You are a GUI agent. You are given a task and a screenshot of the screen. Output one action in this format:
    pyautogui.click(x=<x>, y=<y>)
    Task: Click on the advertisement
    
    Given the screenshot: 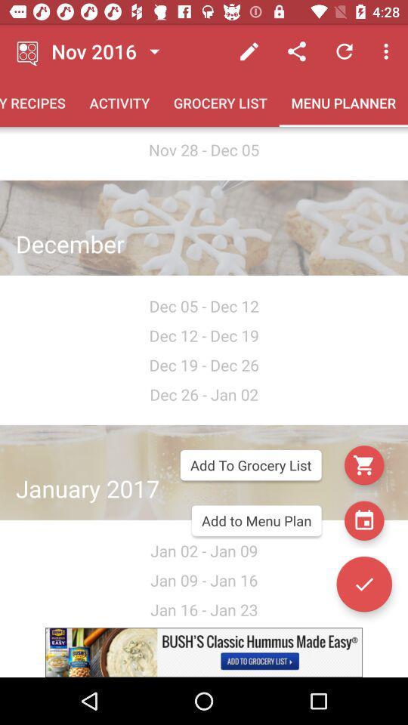 What is the action you would take?
    pyautogui.click(x=204, y=652)
    